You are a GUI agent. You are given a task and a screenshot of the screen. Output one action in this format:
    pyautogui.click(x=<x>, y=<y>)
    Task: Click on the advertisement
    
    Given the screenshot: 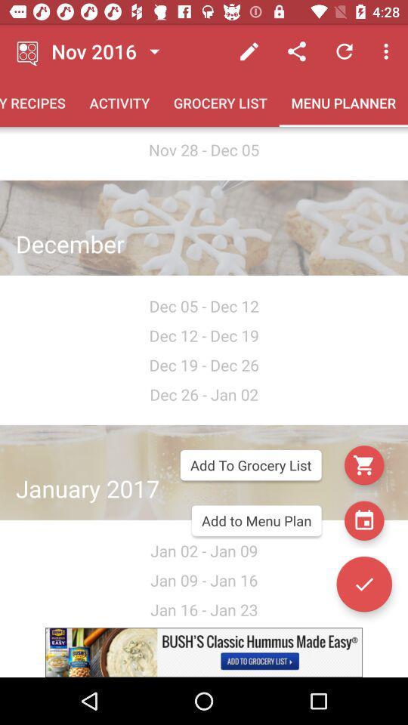 What is the action you would take?
    pyautogui.click(x=204, y=652)
    